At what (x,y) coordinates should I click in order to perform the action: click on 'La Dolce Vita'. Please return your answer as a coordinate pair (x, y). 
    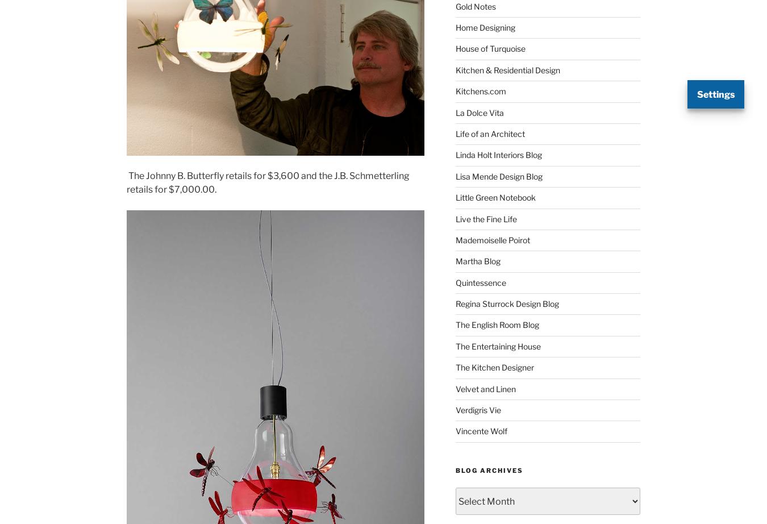
    Looking at the image, I should click on (479, 112).